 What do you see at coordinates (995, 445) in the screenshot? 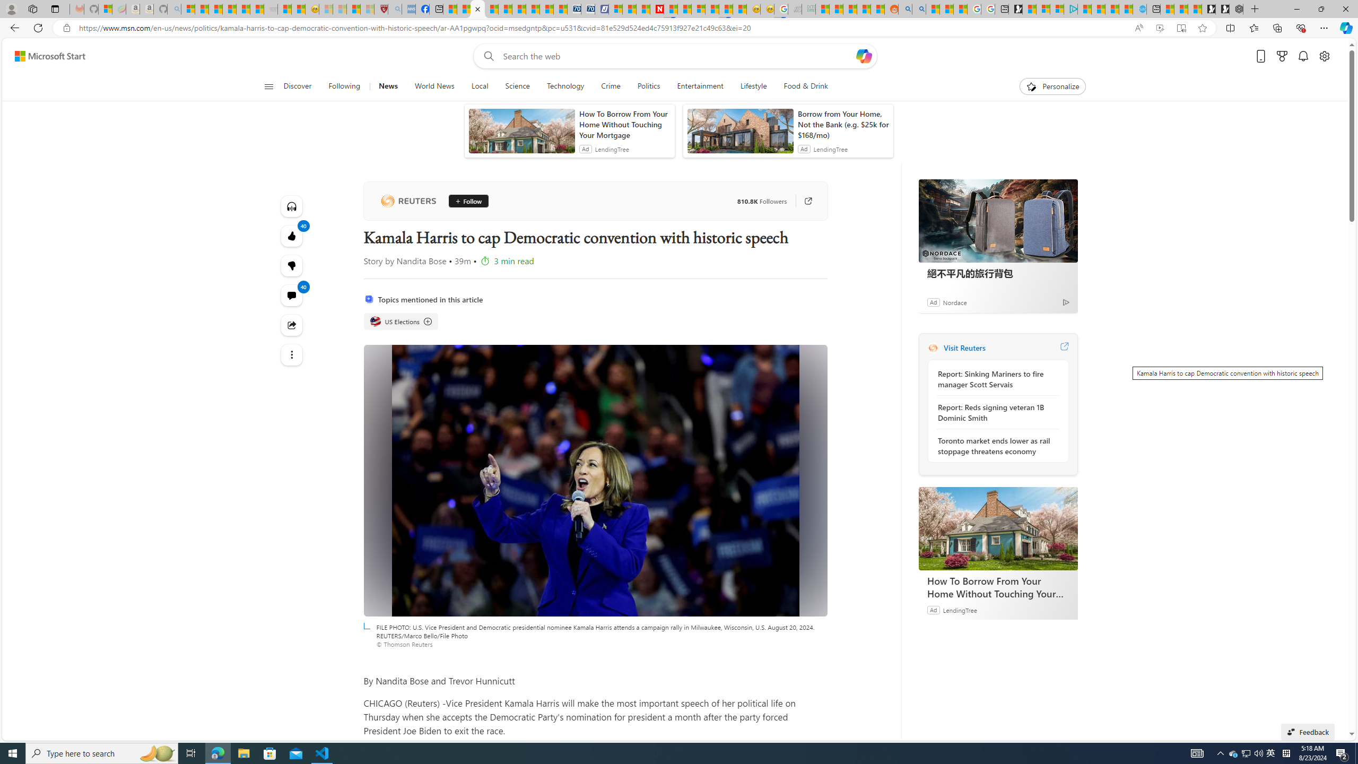
I see `'Toronto market ends lower as rail stoppage threatens economy'` at bounding box center [995, 445].